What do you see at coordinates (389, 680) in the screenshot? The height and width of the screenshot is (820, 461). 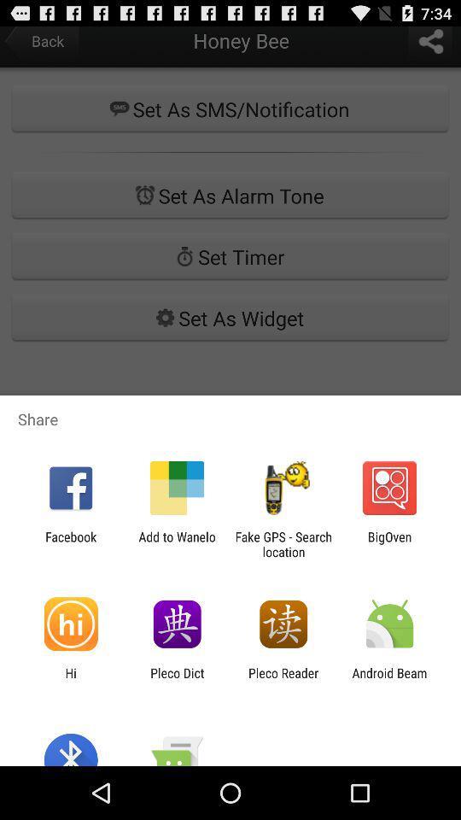 I see `item next to the pleco reader` at bounding box center [389, 680].